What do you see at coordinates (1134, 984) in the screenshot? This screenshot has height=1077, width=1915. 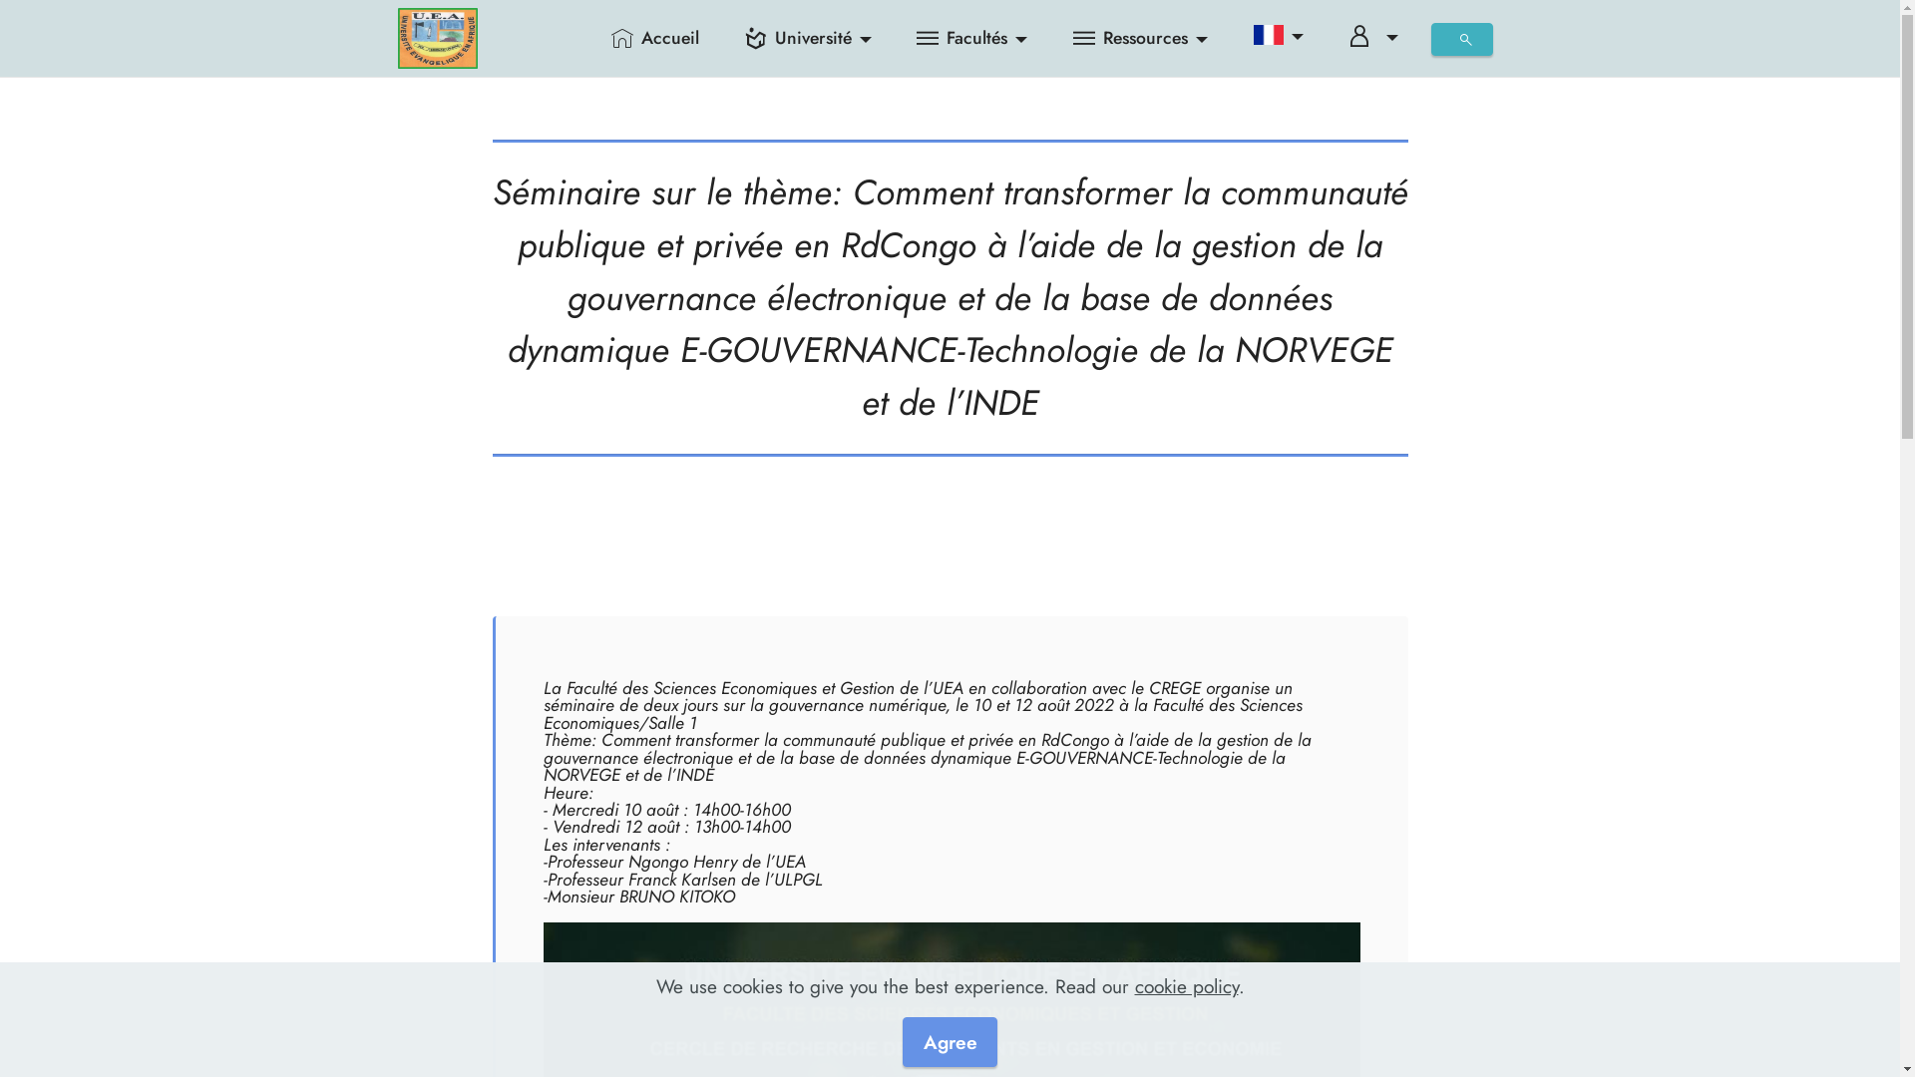 I see `'cookie policy'` at bounding box center [1134, 984].